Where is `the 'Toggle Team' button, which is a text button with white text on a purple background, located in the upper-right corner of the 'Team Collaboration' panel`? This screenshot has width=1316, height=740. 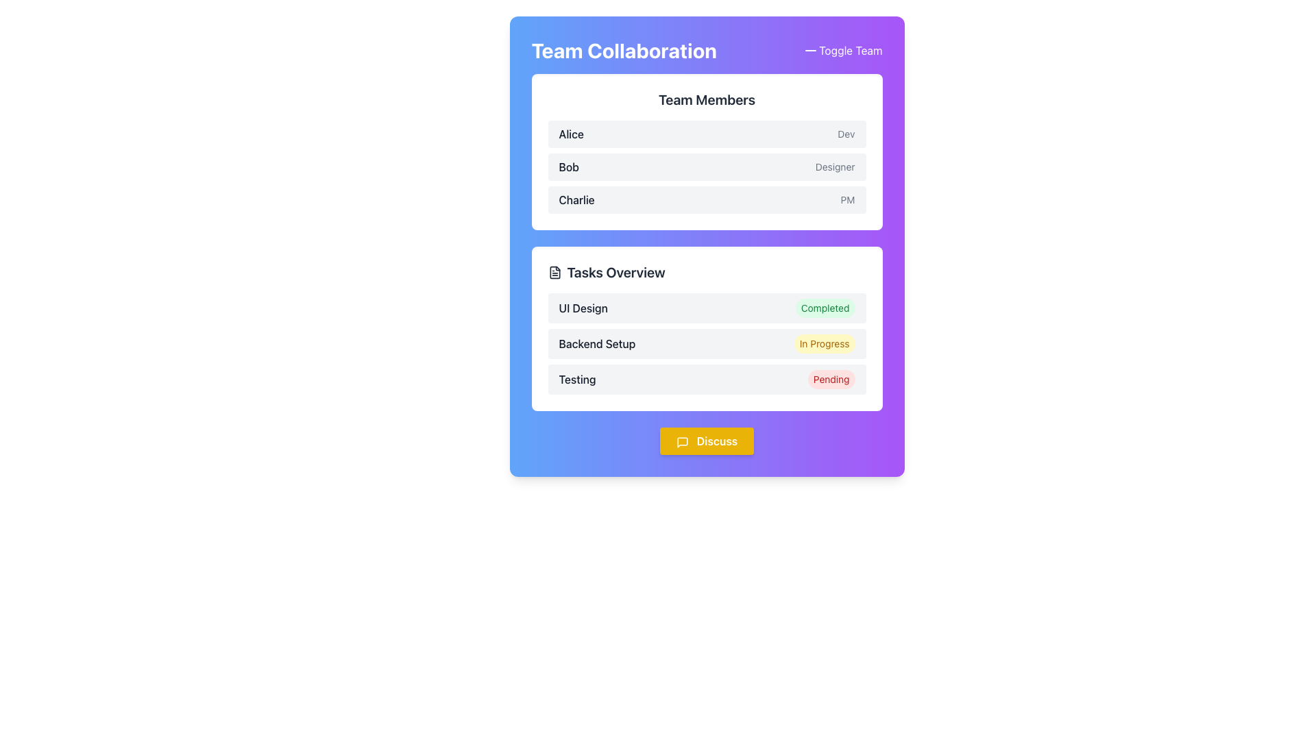 the 'Toggle Team' button, which is a text button with white text on a purple background, located in the upper-right corner of the 'Team Collaboration' panel is located at coordinates (842, 49).